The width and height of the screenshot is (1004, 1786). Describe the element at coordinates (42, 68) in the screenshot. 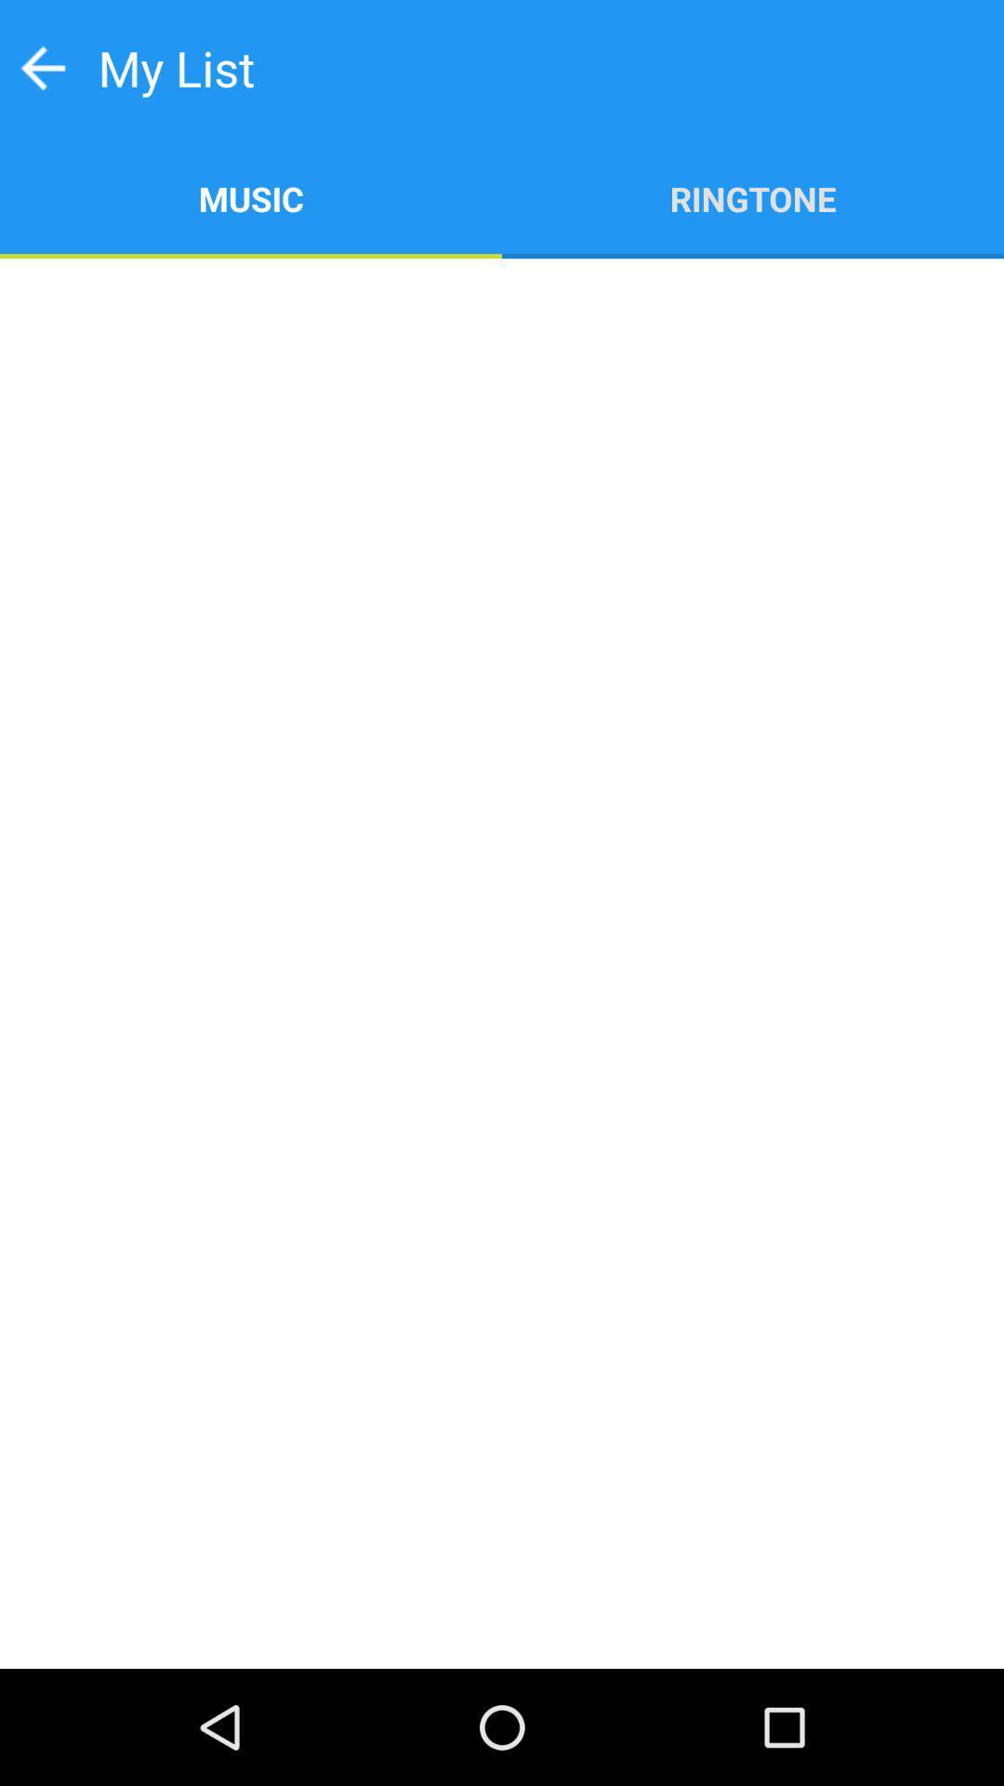

I see `app next to the my list` at that location.